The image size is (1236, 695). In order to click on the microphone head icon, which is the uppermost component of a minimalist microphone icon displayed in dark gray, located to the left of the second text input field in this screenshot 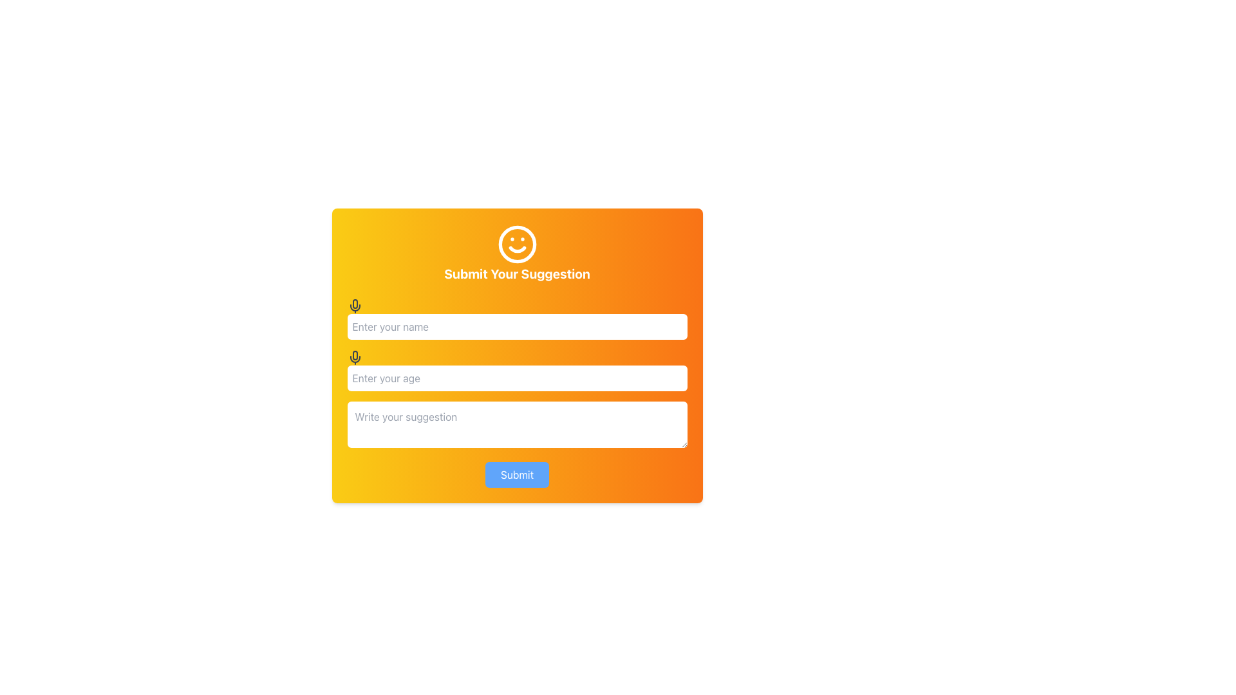, I will do `click(355, 304)`.